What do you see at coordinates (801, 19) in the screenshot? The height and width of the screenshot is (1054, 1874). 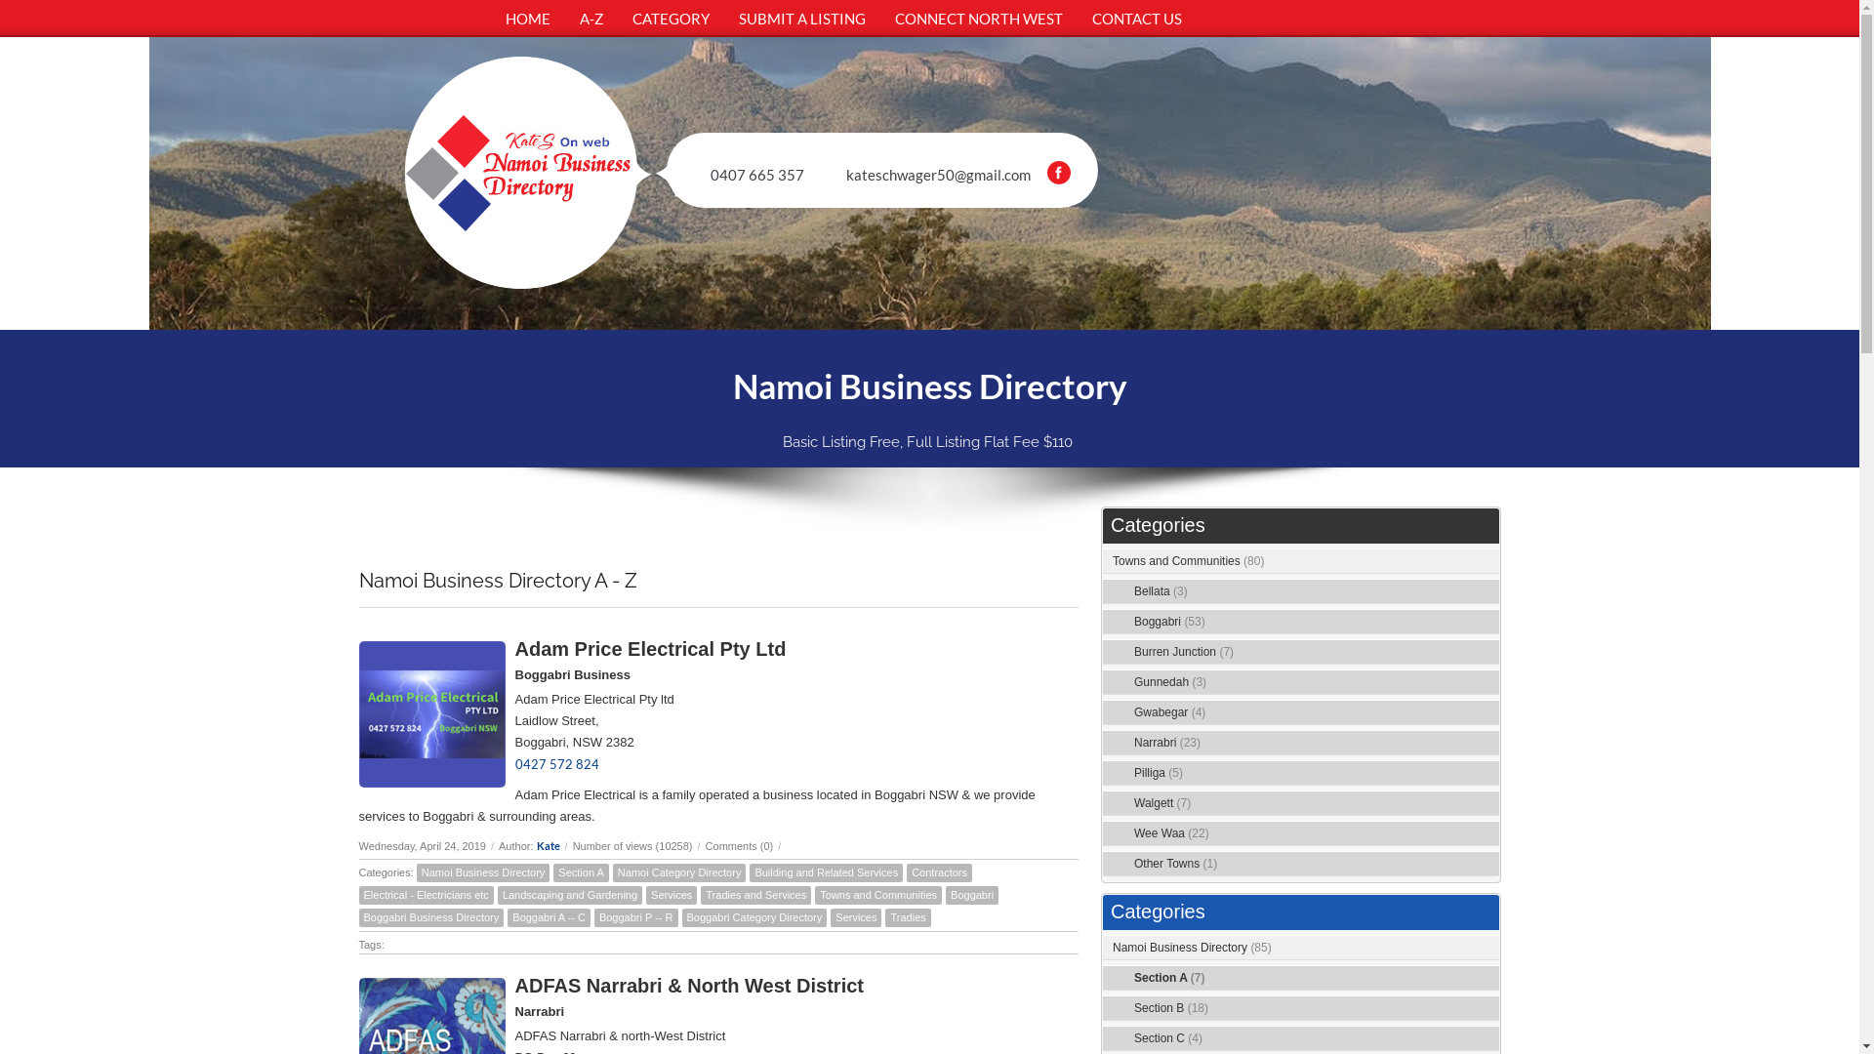 I see `'SUBMIT A LISTING'` at bounding box center [801, 19].